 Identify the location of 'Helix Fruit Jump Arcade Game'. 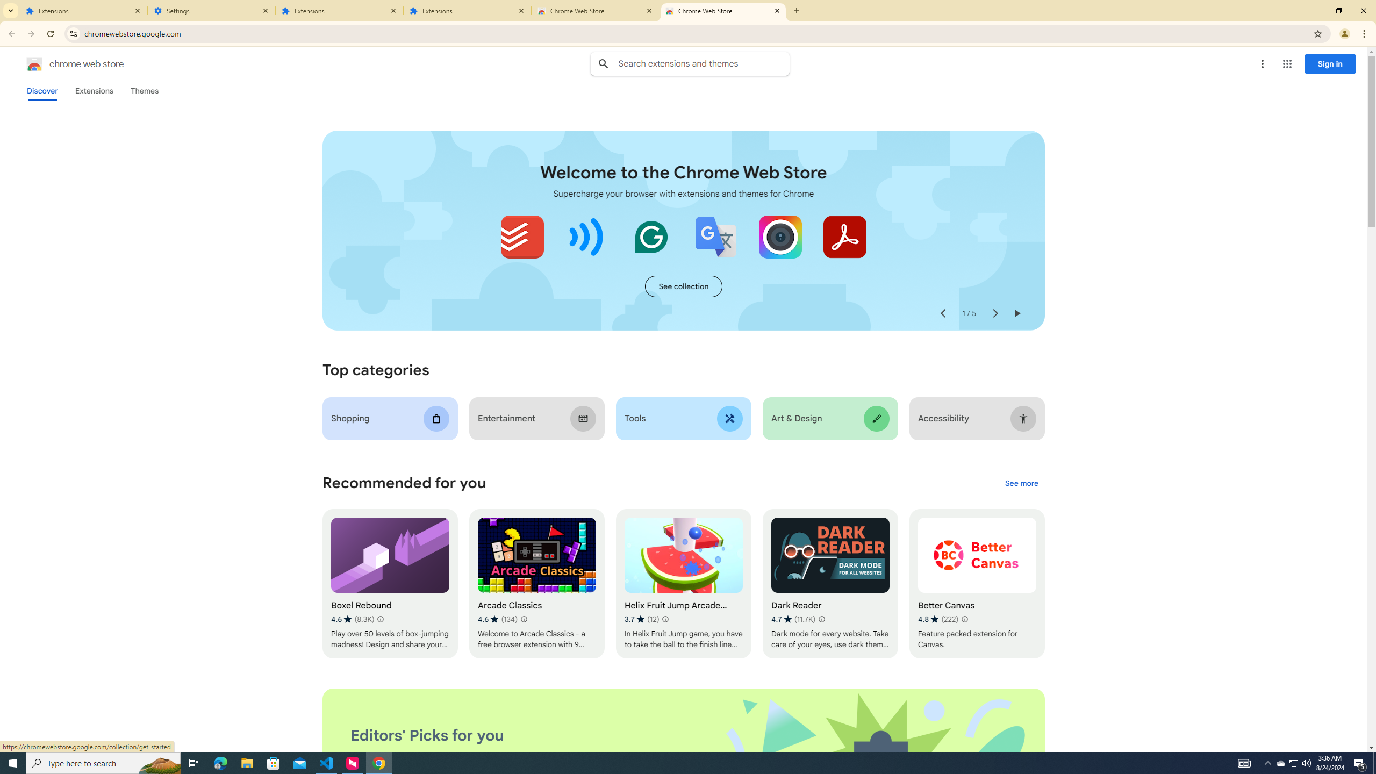
(683, 583).